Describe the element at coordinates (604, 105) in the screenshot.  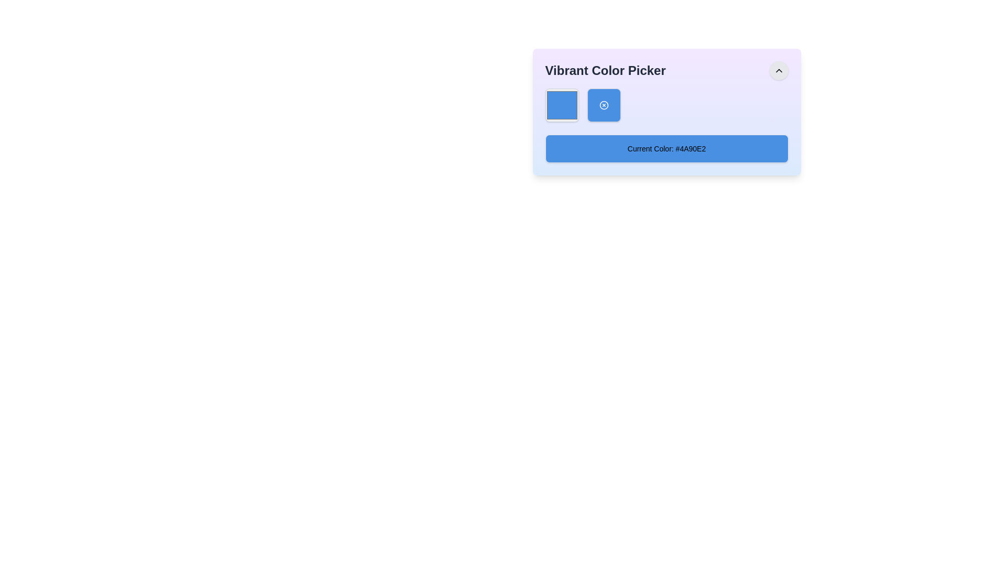
I see `the color selection button` at that location.